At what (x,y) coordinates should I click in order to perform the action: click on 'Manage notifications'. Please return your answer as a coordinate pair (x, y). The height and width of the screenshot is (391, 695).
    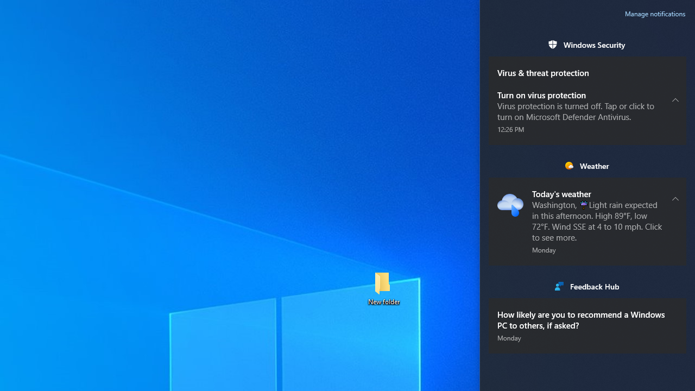
    Looking at the image, I should click on (655, 14).